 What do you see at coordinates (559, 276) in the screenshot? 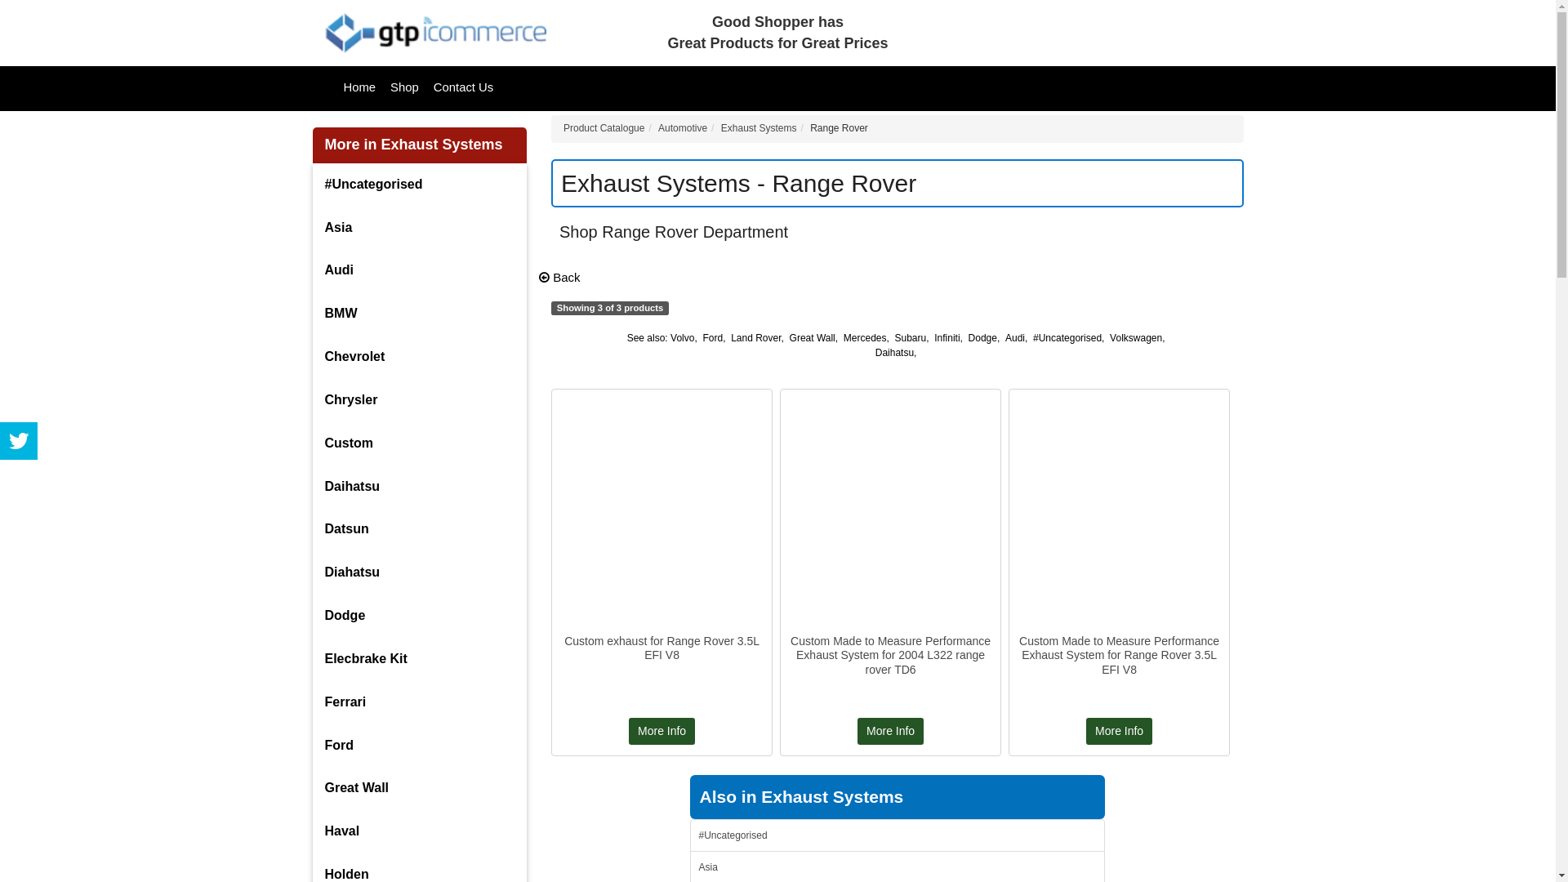
I see `' Back'` at bounding box center [559, 276].